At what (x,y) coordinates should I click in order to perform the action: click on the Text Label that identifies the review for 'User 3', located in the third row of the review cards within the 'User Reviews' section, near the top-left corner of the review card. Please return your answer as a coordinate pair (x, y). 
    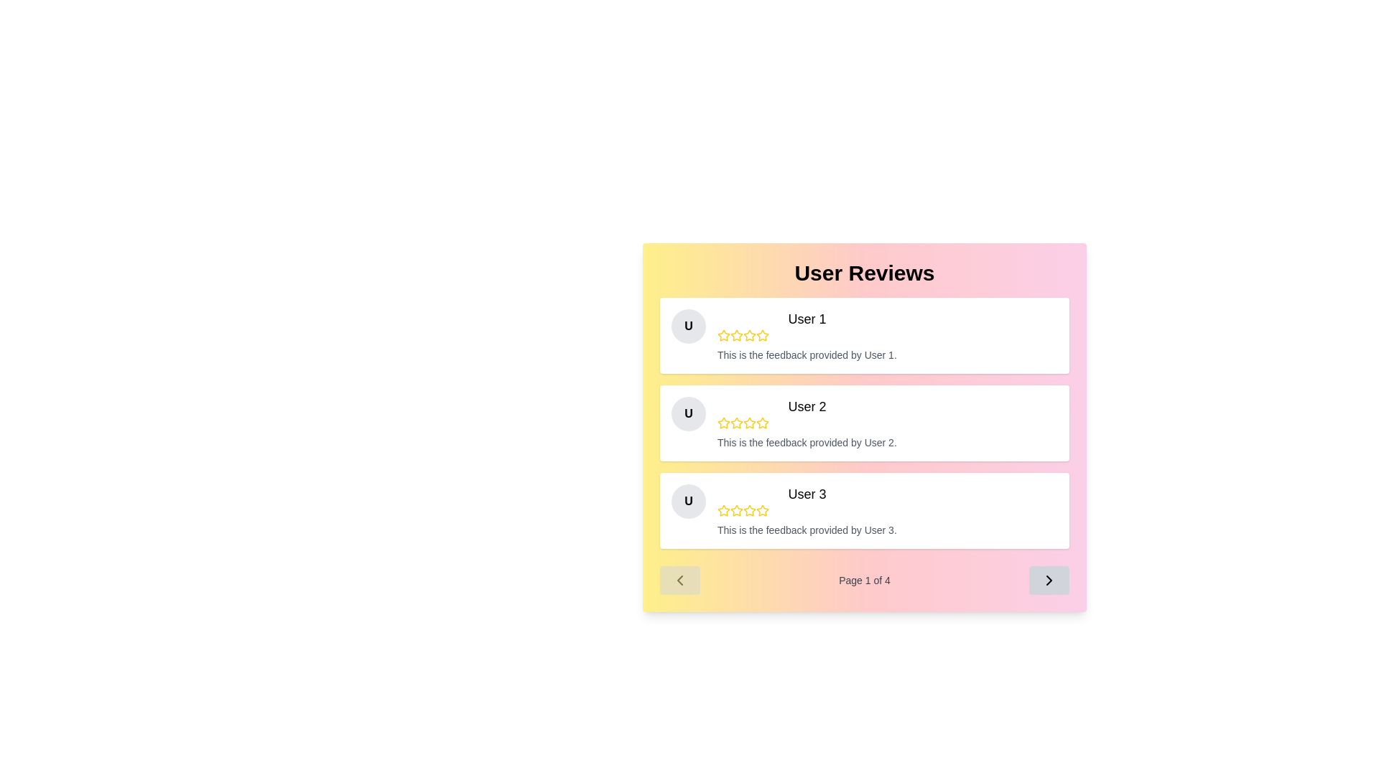
    Looking at the image, I should click on (807, 494).